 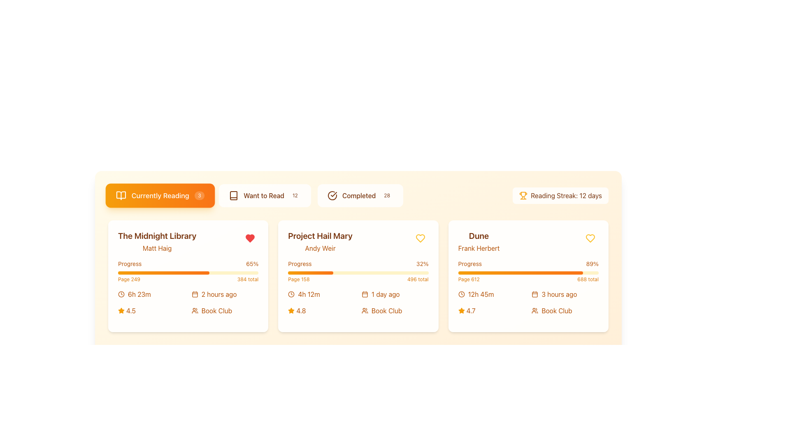 What do you see at coordinates (121, 294) in the screenshot?
I see `the time-related indicator icon located at the bottom of the first book card, directly to the left of the '6h 23m' text` at bounding box center [121, 294].